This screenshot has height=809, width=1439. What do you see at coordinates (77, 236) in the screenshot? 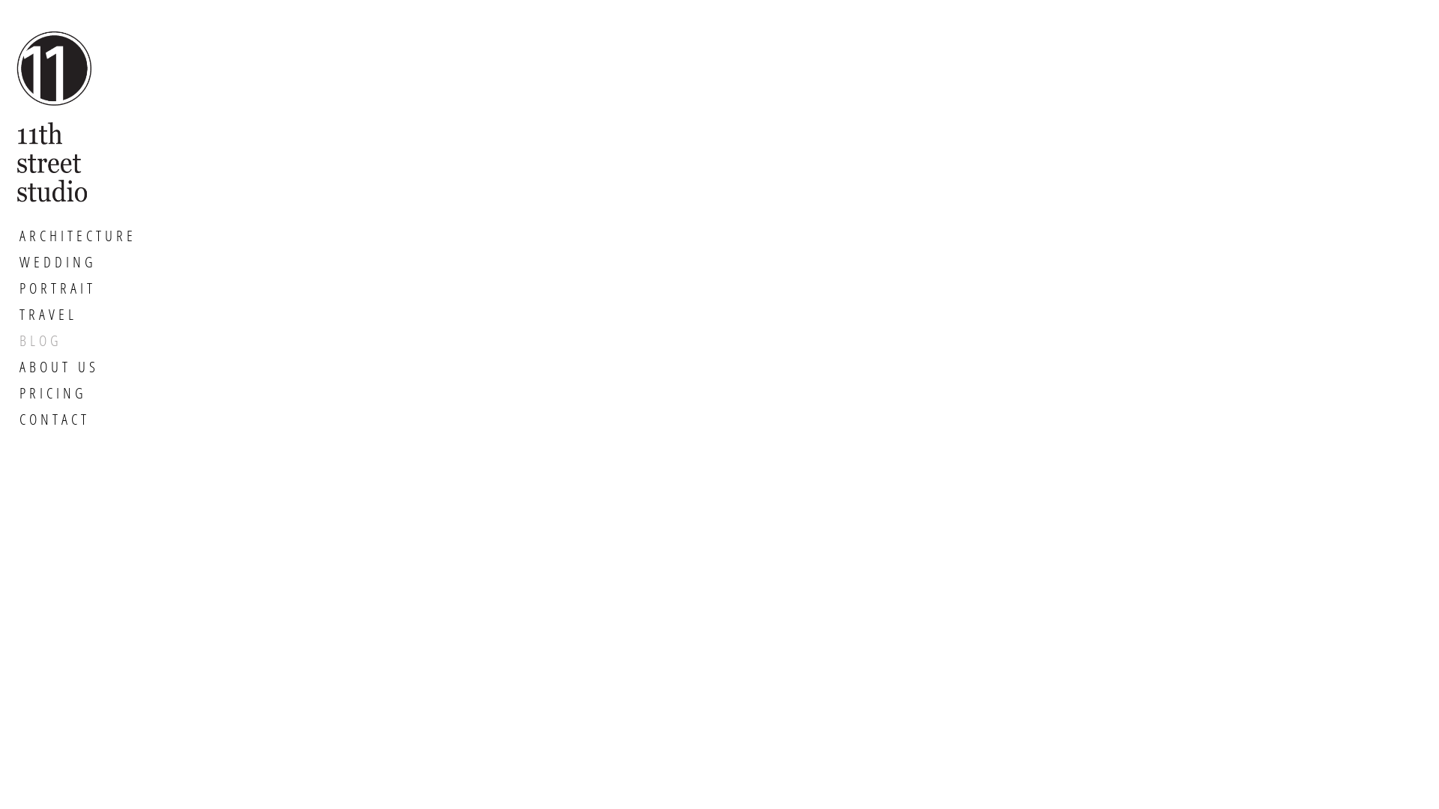
I see `'ARCHITECTURE'` at bounding box center [77, 236].